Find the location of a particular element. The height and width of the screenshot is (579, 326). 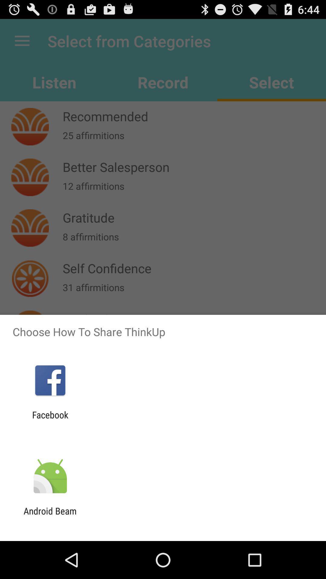

the android beam app is located at coordinates (50, 516).